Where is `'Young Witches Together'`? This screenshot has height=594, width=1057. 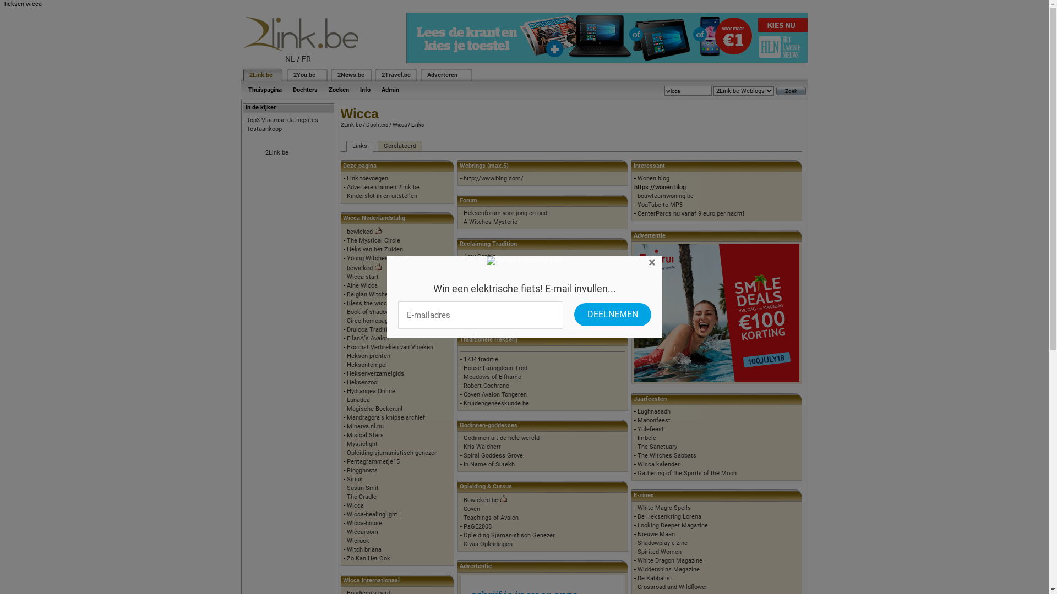 'Young Witches Together' is located at coordinates (380, 258).